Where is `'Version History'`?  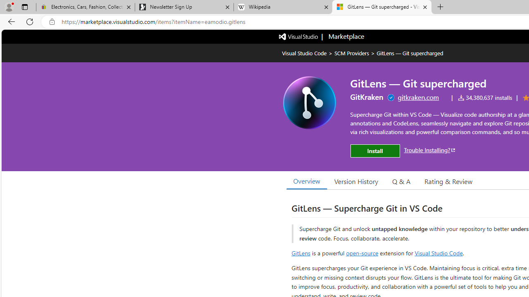 'Version History' is located at coordinates (356, 181).